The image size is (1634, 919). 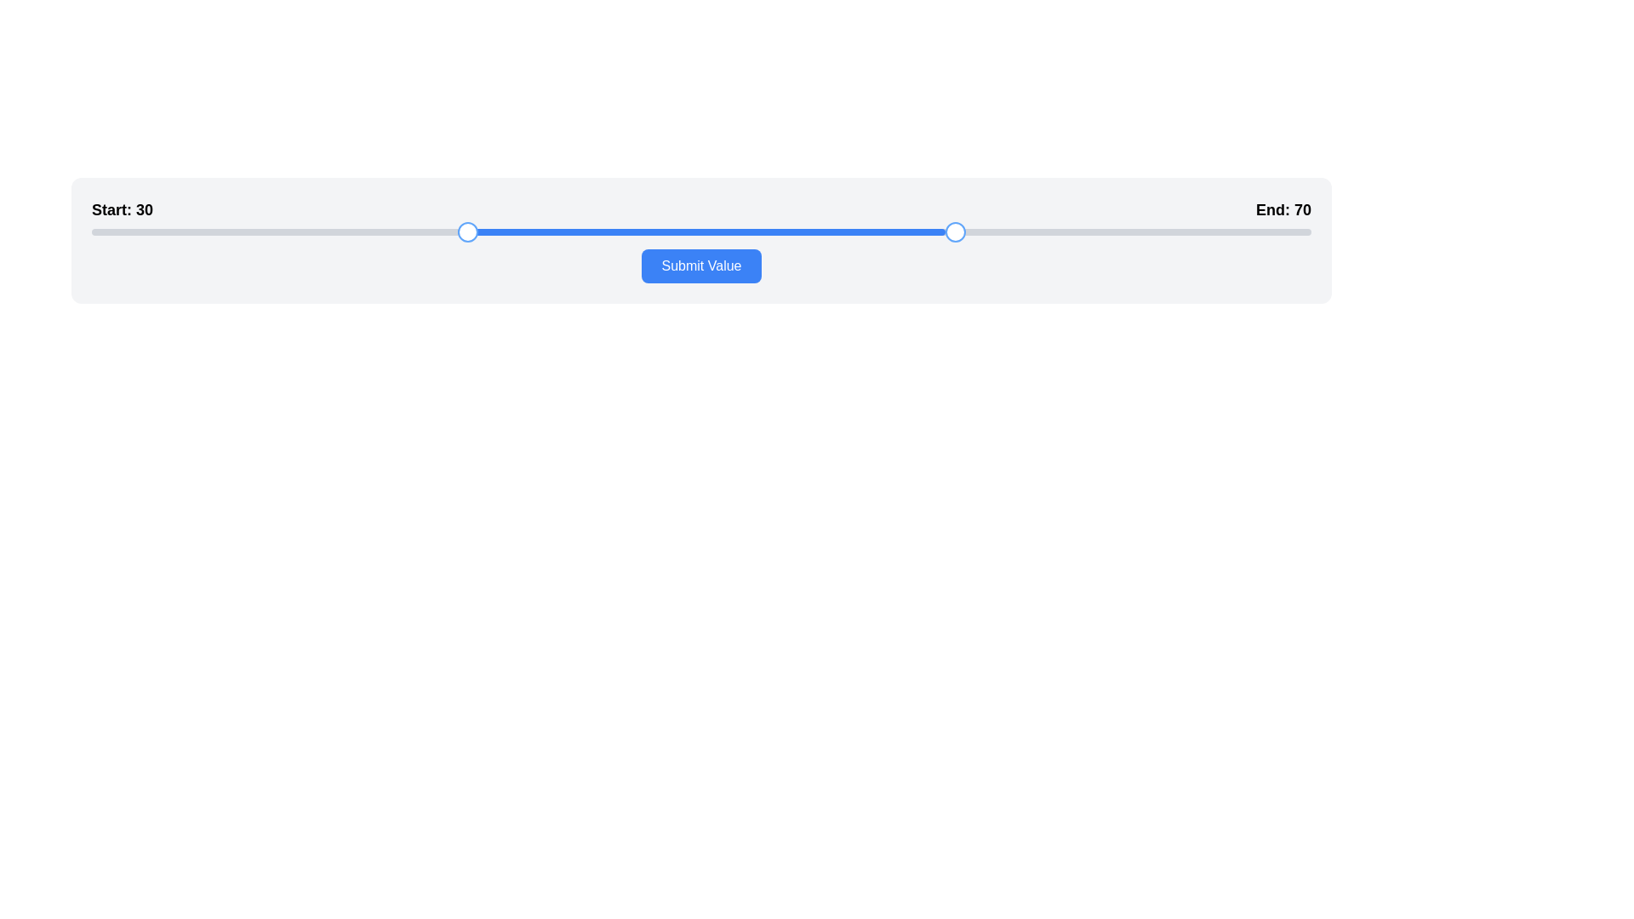 What do you see at coordinates (261, 232) in the screenshot?
I see `the slider thumb` at bounding box center [261, 232].